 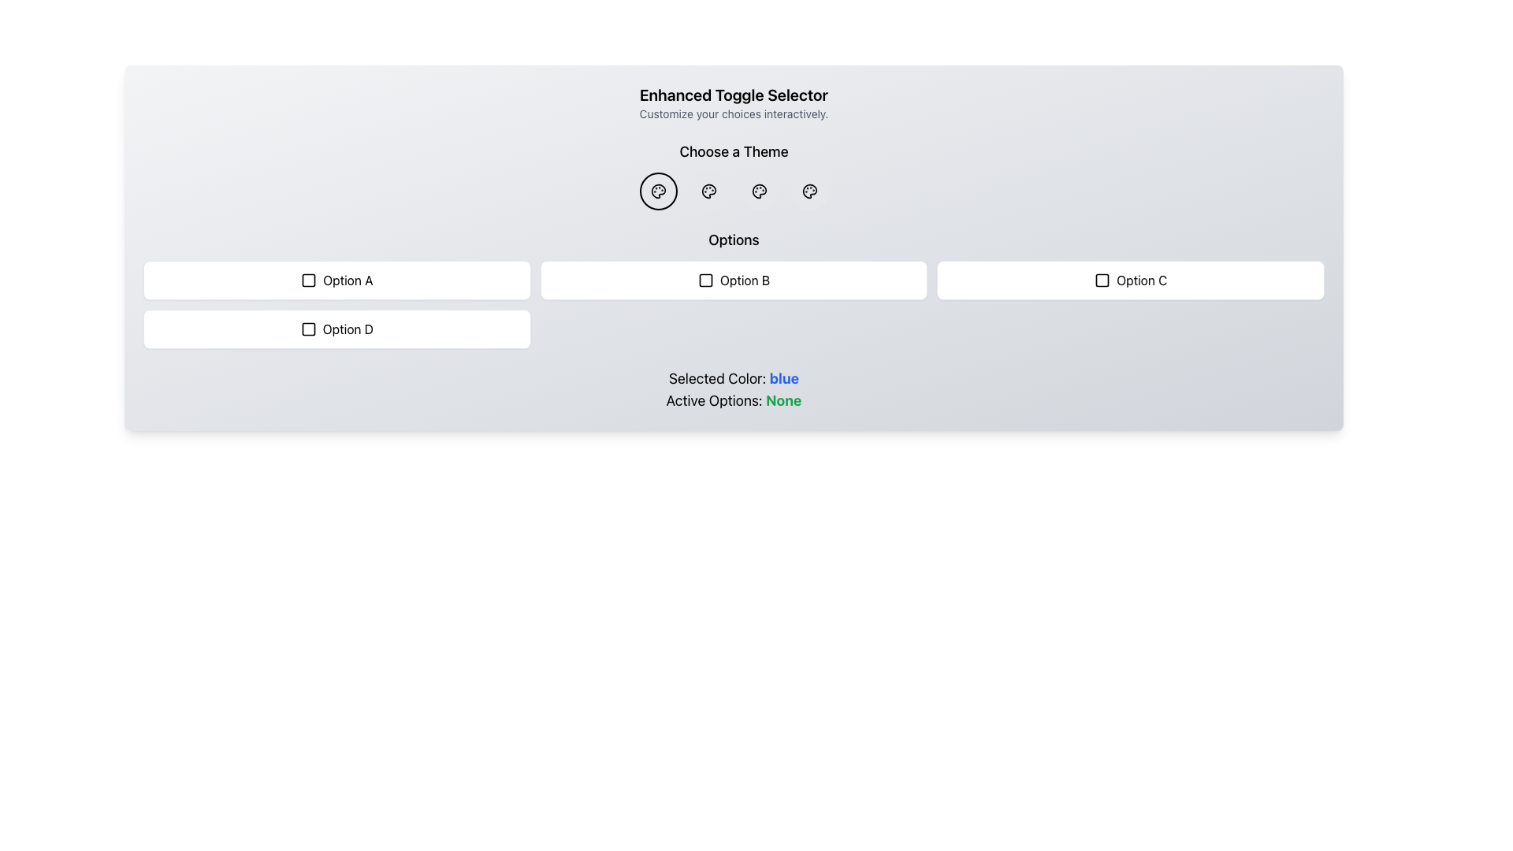 I want to click on the fourth palette icon in the 'Choose a Theme' section, which resembles a smooth, minimalistic circular shape with cutout details, so click(x=809, y=191).